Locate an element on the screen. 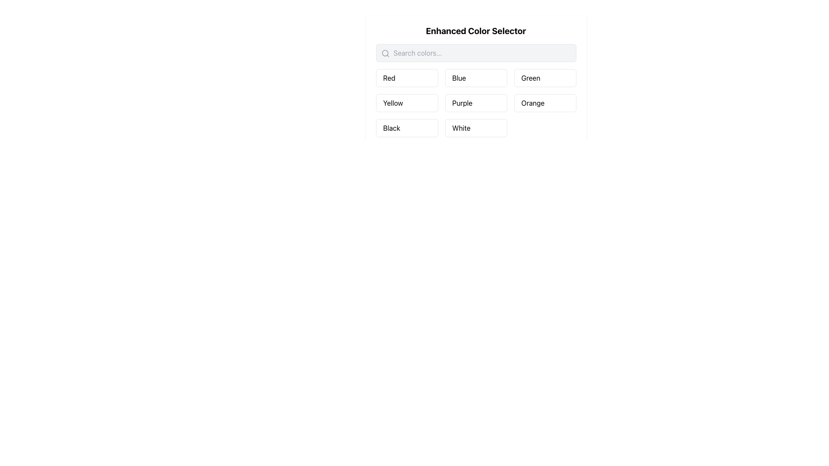 The image size is (829, 466). the Yellow button in the color selection interface is located at coordinates (406, 103).